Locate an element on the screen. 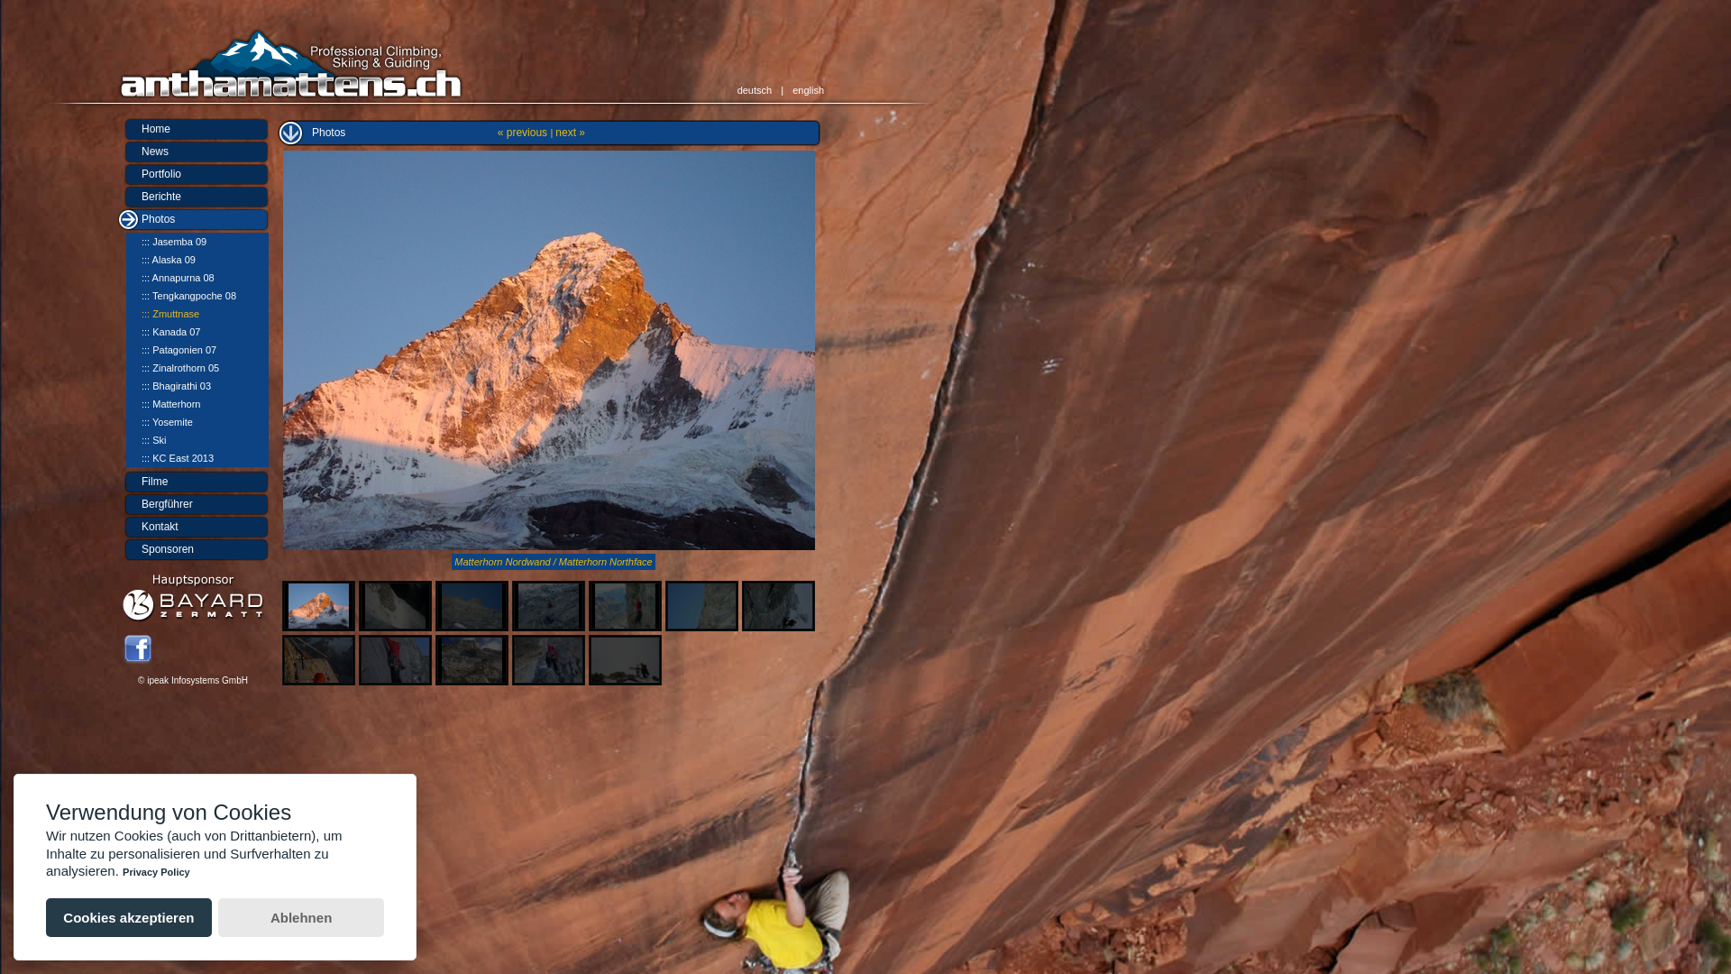 This screenshot has height=974, width=1731. 'english' is located at coordinates (807, 90).